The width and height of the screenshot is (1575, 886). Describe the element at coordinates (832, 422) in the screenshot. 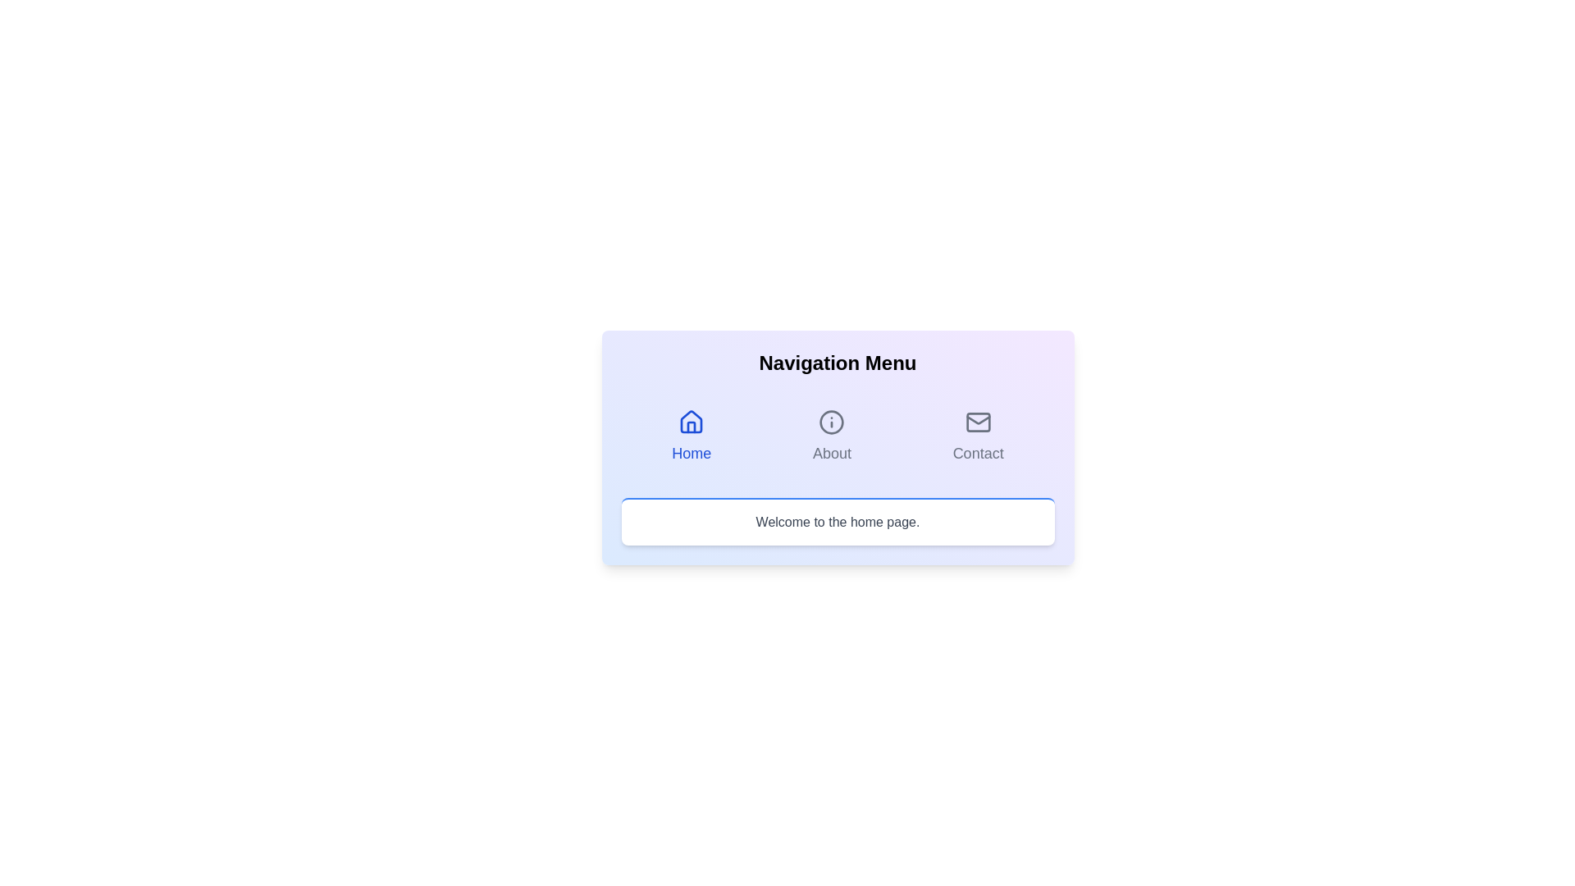

I see `the About icon to observe the visual feedback` at that location.